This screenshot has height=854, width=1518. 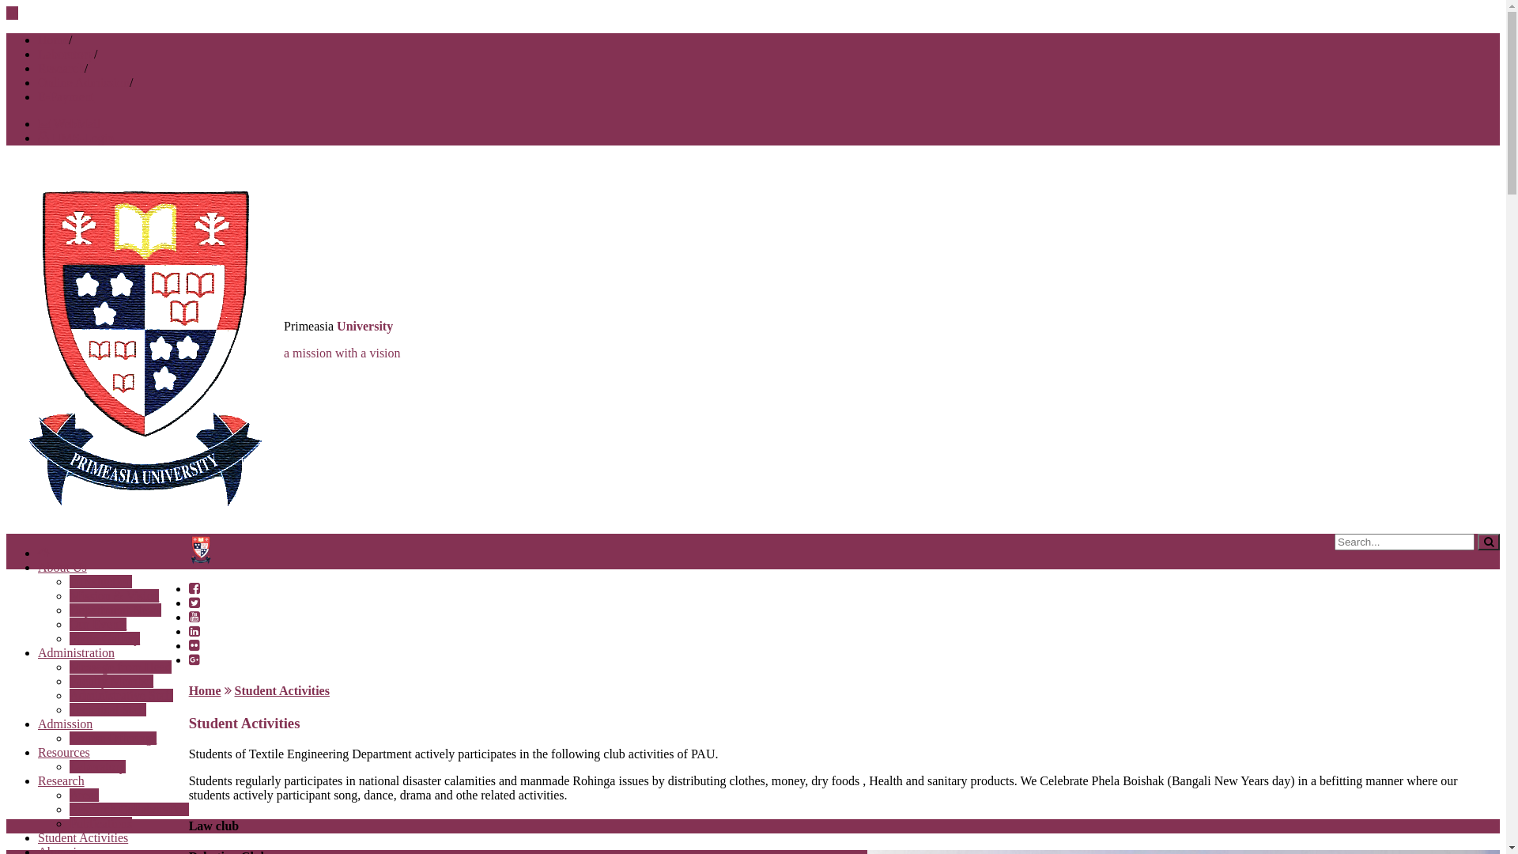 What do you see at coordinates (104, 637) in the screenshot?
I see `'Photo Gallery'` at bounding box center [104, 637].